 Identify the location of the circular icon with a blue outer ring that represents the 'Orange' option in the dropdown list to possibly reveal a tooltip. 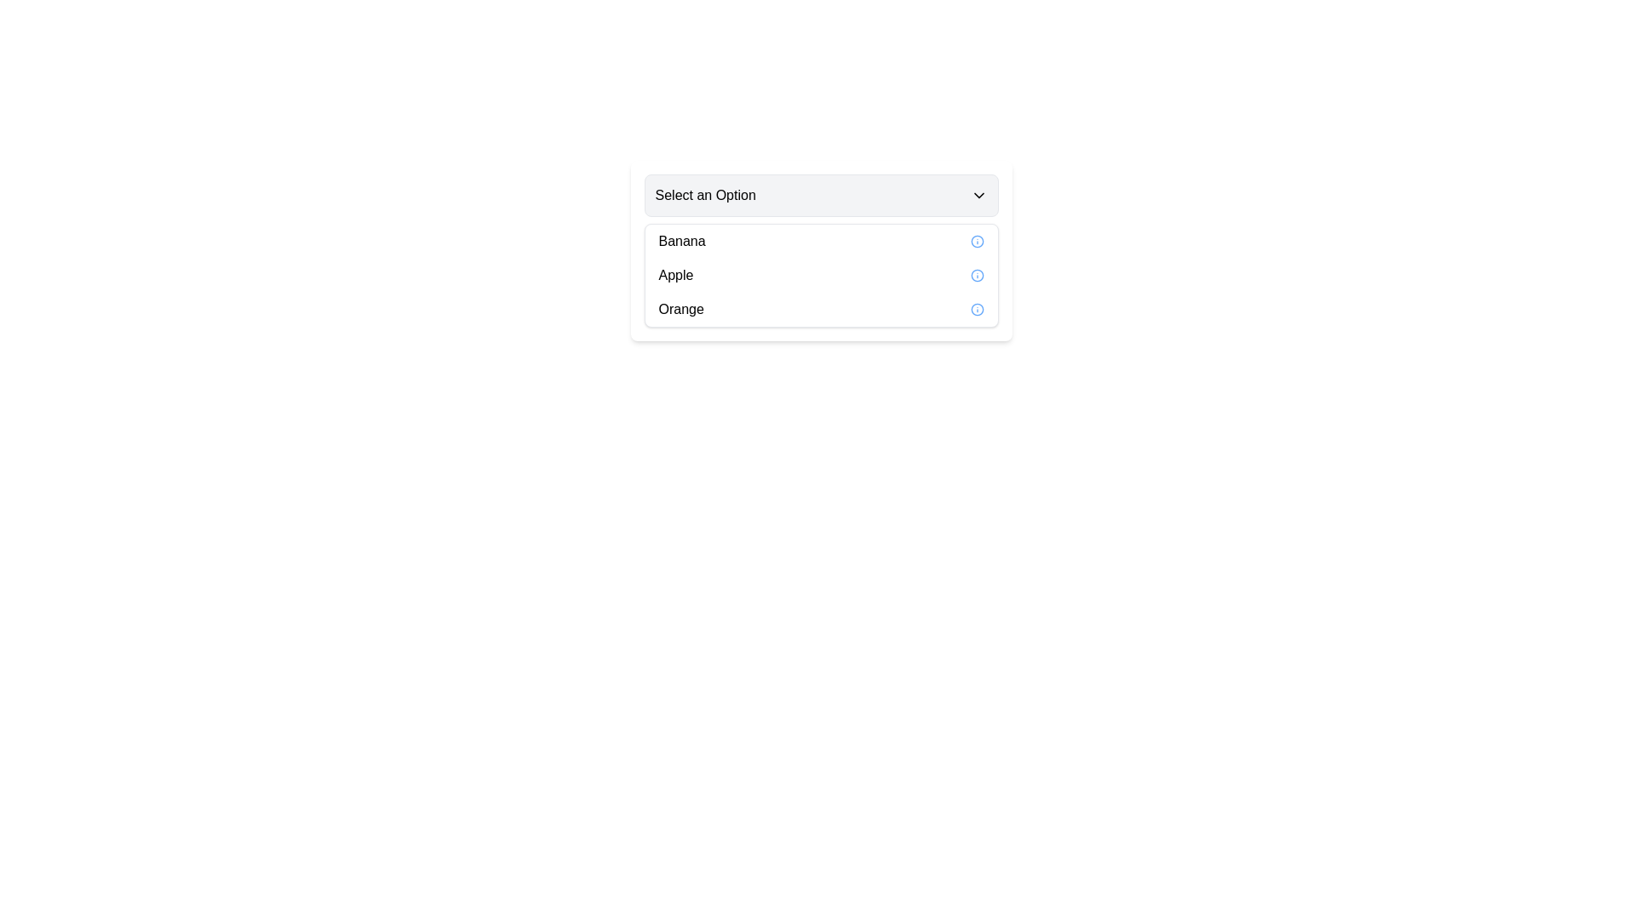
(977, 309).